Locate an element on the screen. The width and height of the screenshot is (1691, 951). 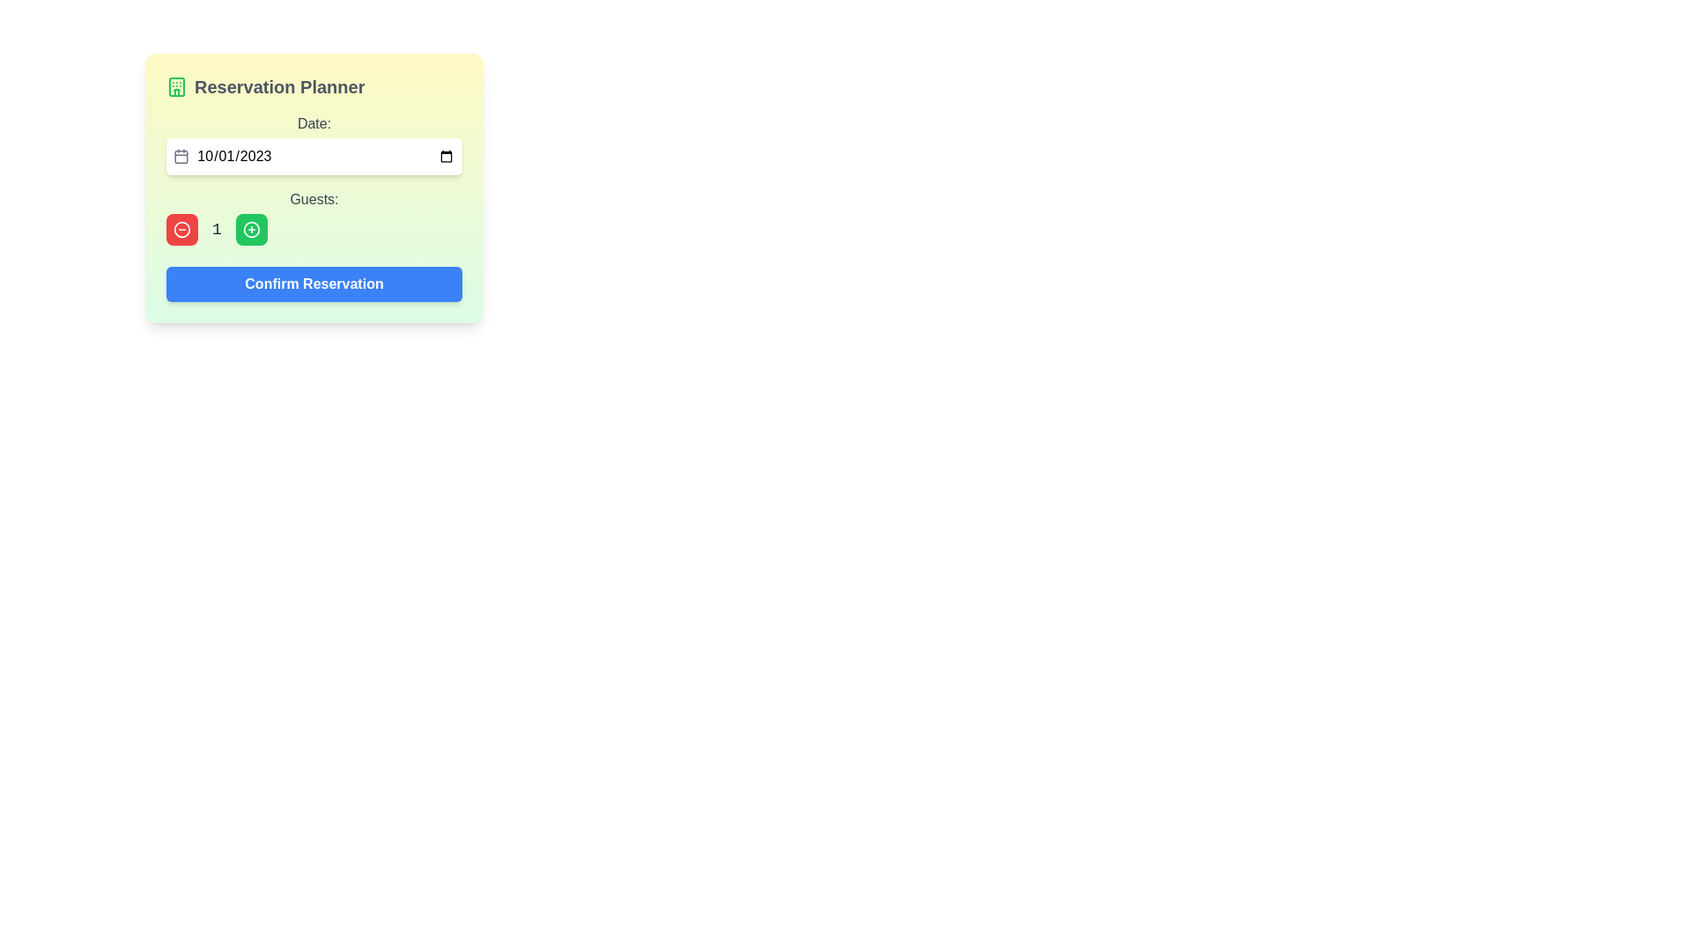
the date picker field located below the 'Date:' label in the 'Reservation Planner' form by tabbing to it is located at coordinates (314, 155).